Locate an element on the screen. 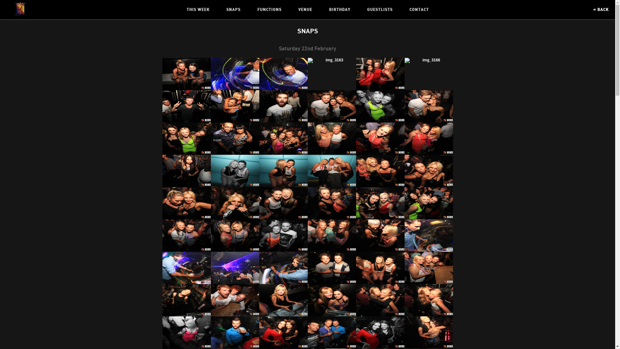  'VENUE' is located at coordinates (305, 10).